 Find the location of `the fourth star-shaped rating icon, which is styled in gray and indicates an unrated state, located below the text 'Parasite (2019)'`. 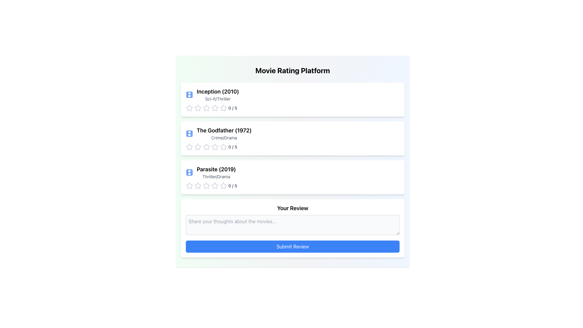

the fourth star-shaped rating icon, which is styled in gray and indicates an unrated state, located below the text 'Parasite (2019)' is located at coordinates (206, 186).